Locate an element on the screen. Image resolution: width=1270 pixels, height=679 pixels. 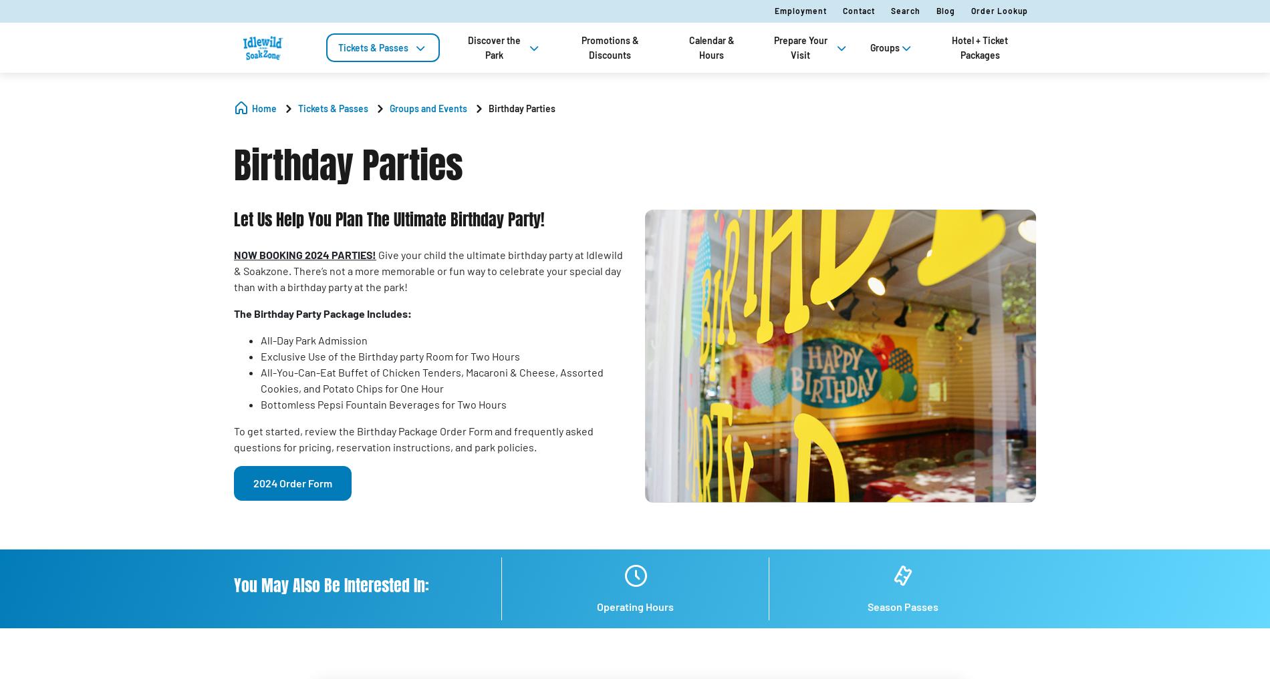
'NOW BOOKING 2024 PARTIES!' is located at coordinates (304, 253).